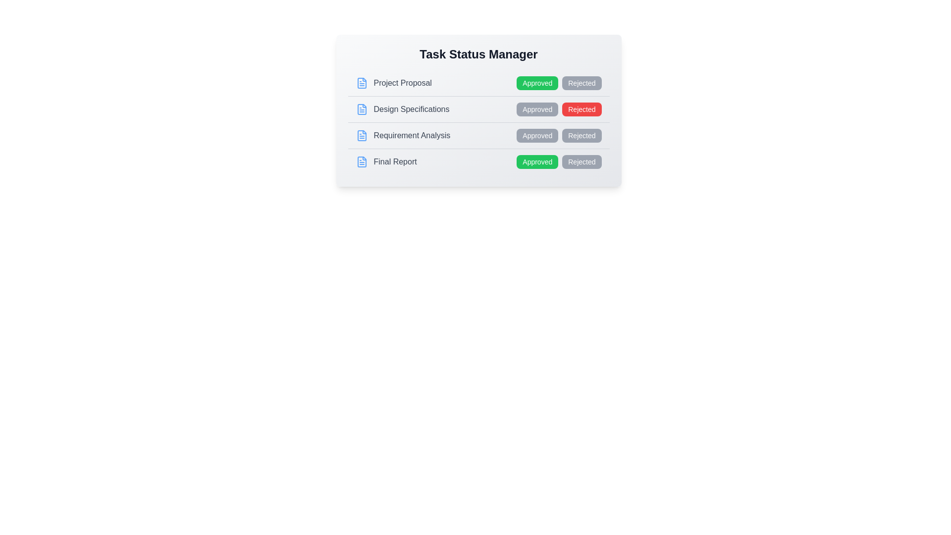  I want to click on the 'Approved' button for the item labeled 'Requirement Analysis', so click(536, 135).